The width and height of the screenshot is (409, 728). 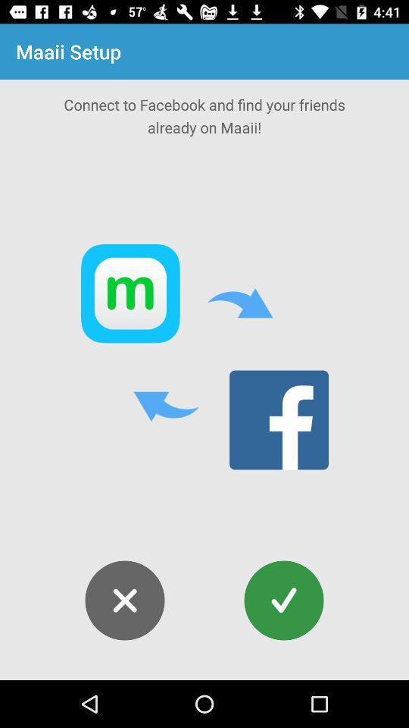 What do you see at coordinates (283, 601) in the screenshot?
I see `connect facebook to maii` at bounding box center [283, 601].